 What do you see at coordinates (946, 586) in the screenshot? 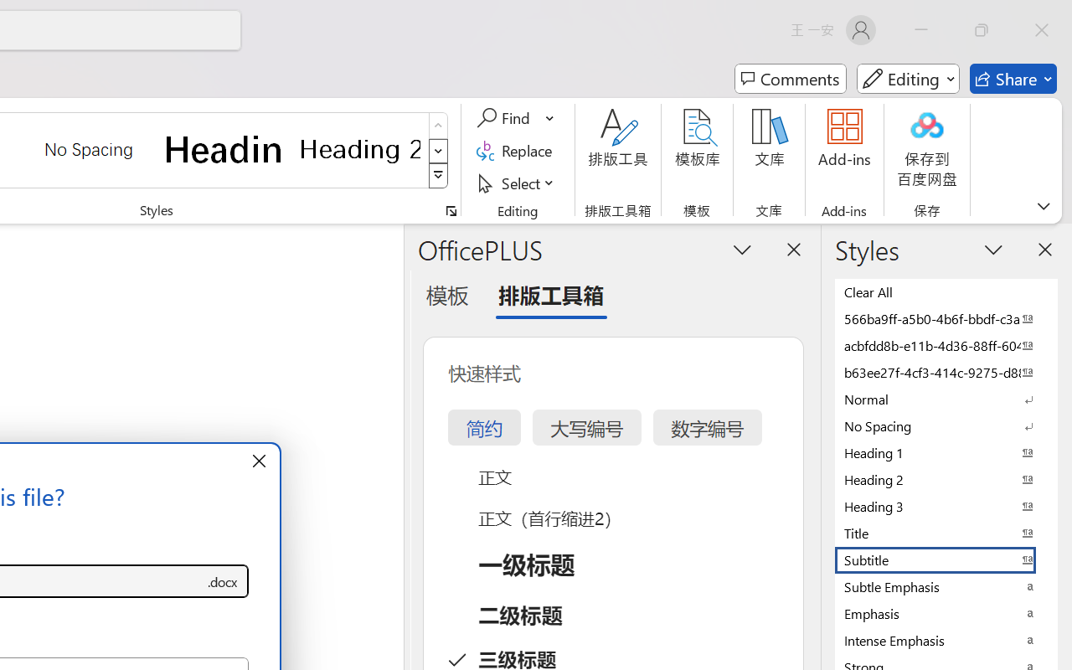
I see `'Subtle Emphasis'` at bounding box center [946, 586].